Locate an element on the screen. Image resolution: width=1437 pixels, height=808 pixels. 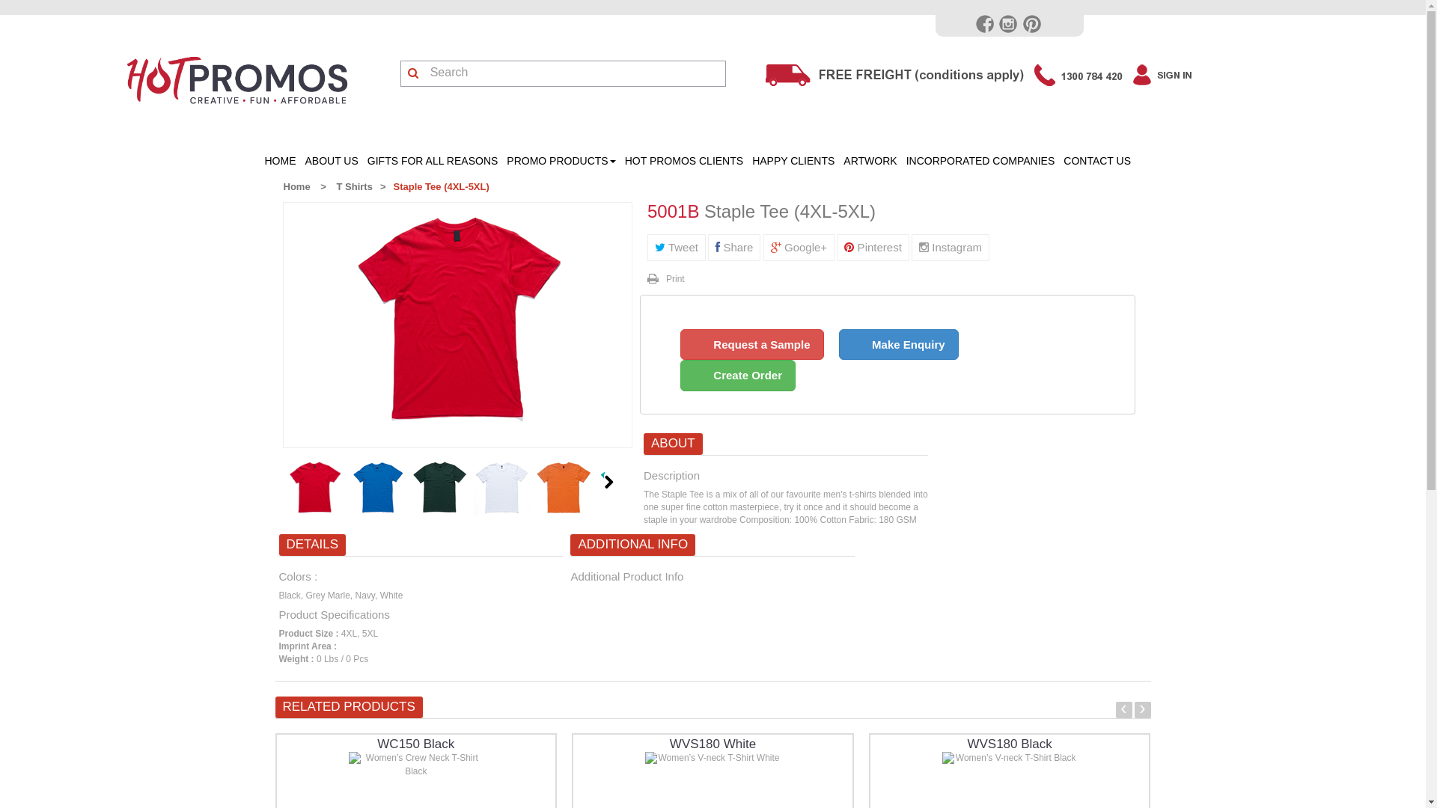
'Tweet' is located at coordinates (647, 246).